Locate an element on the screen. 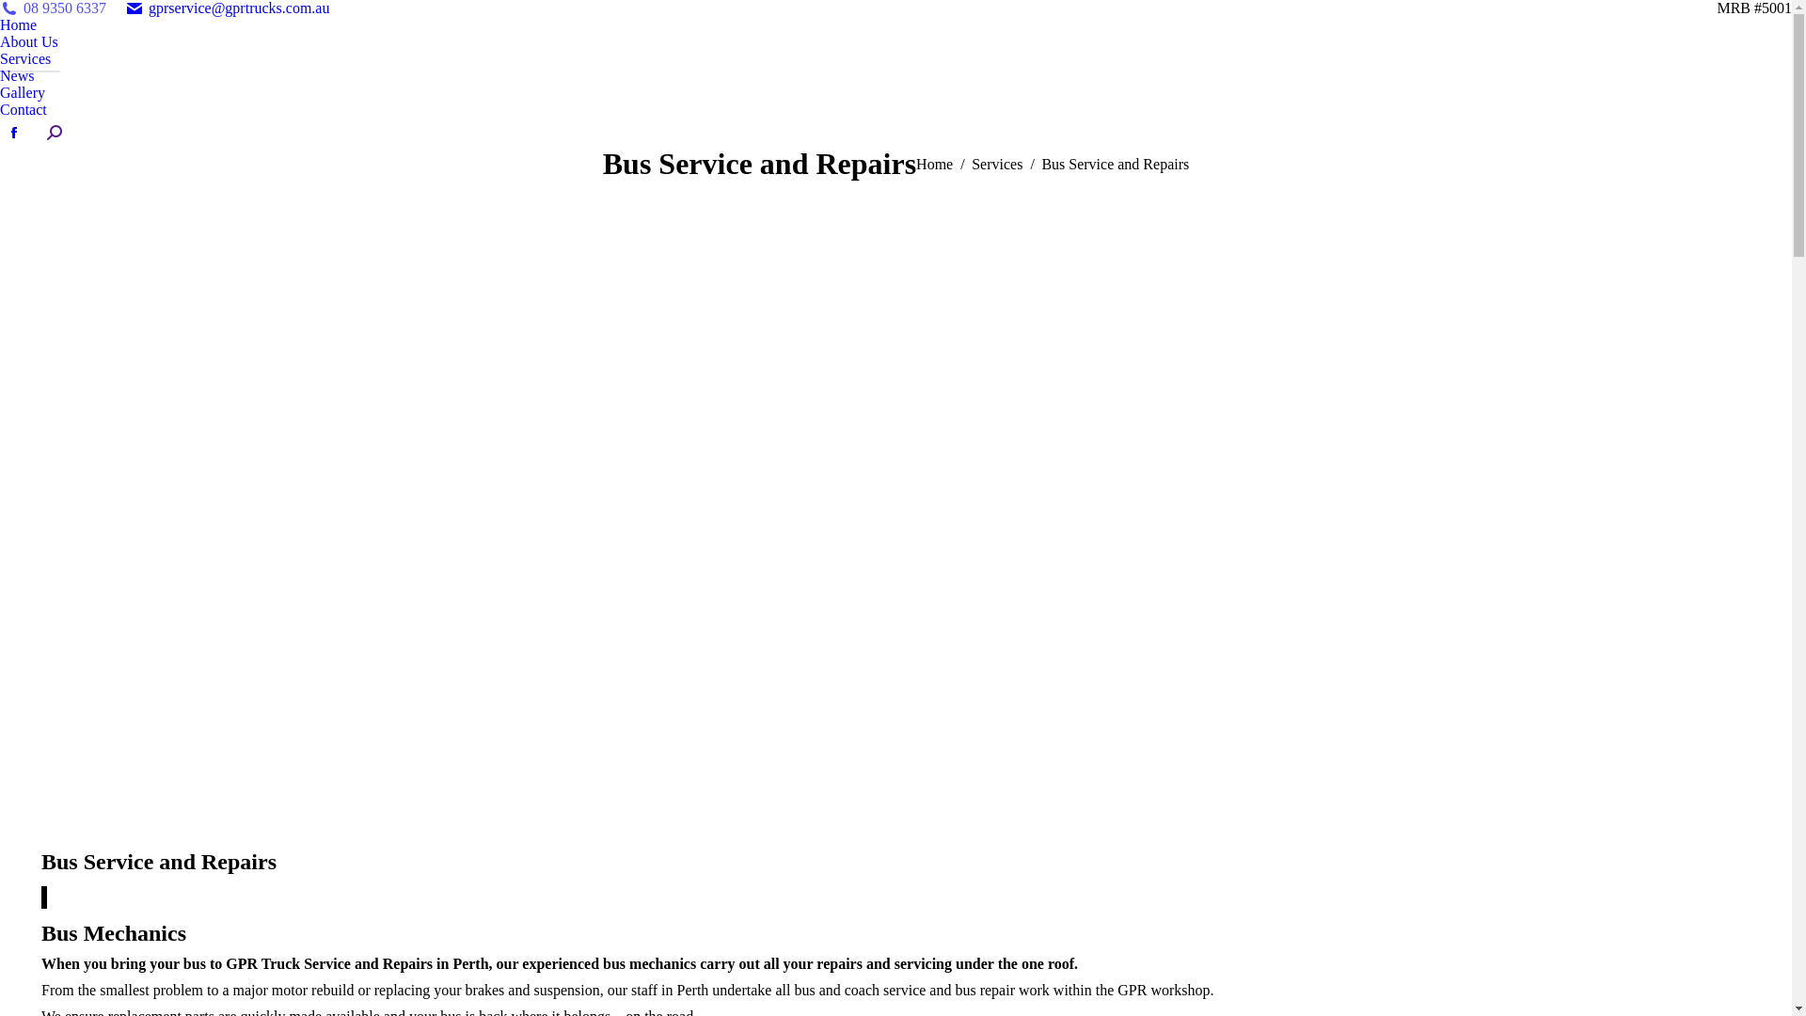 Image resolution: width=1806 pixels, height=1016 pixels. 'gprservice@gprtrucks.com.au' is located at coordinates (226, 8).